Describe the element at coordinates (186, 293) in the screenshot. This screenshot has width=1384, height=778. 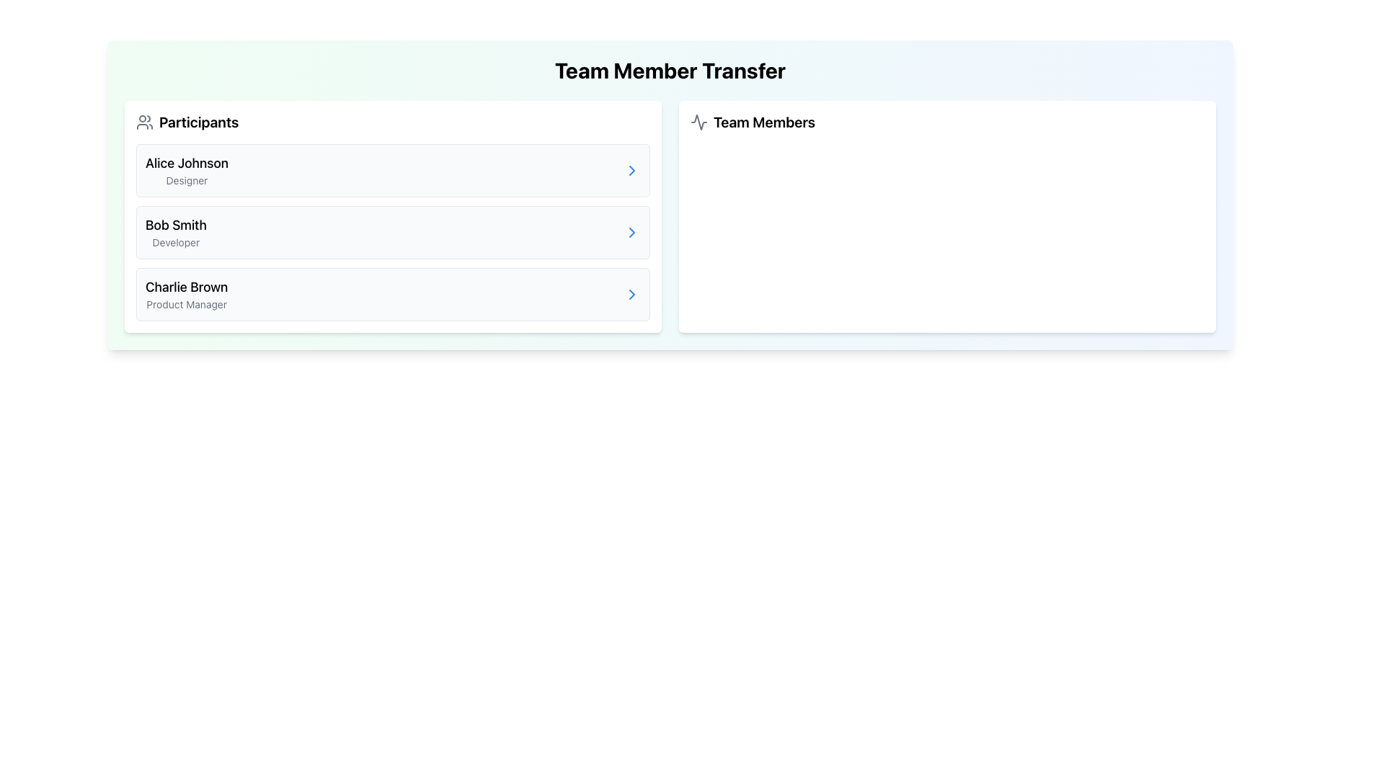
I see `the textual display component showing 'Charlie Brown' and 'Product Manager' in the Participants list` at that location.